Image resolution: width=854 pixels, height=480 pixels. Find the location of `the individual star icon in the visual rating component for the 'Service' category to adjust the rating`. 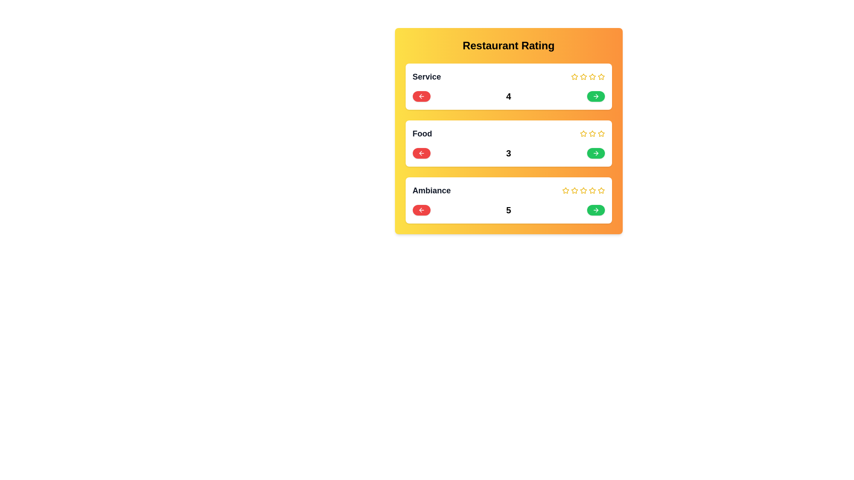

the individual star icon in the visual rating component for the 'Service' category to adjust the rating is located at coordinates (588, 76).